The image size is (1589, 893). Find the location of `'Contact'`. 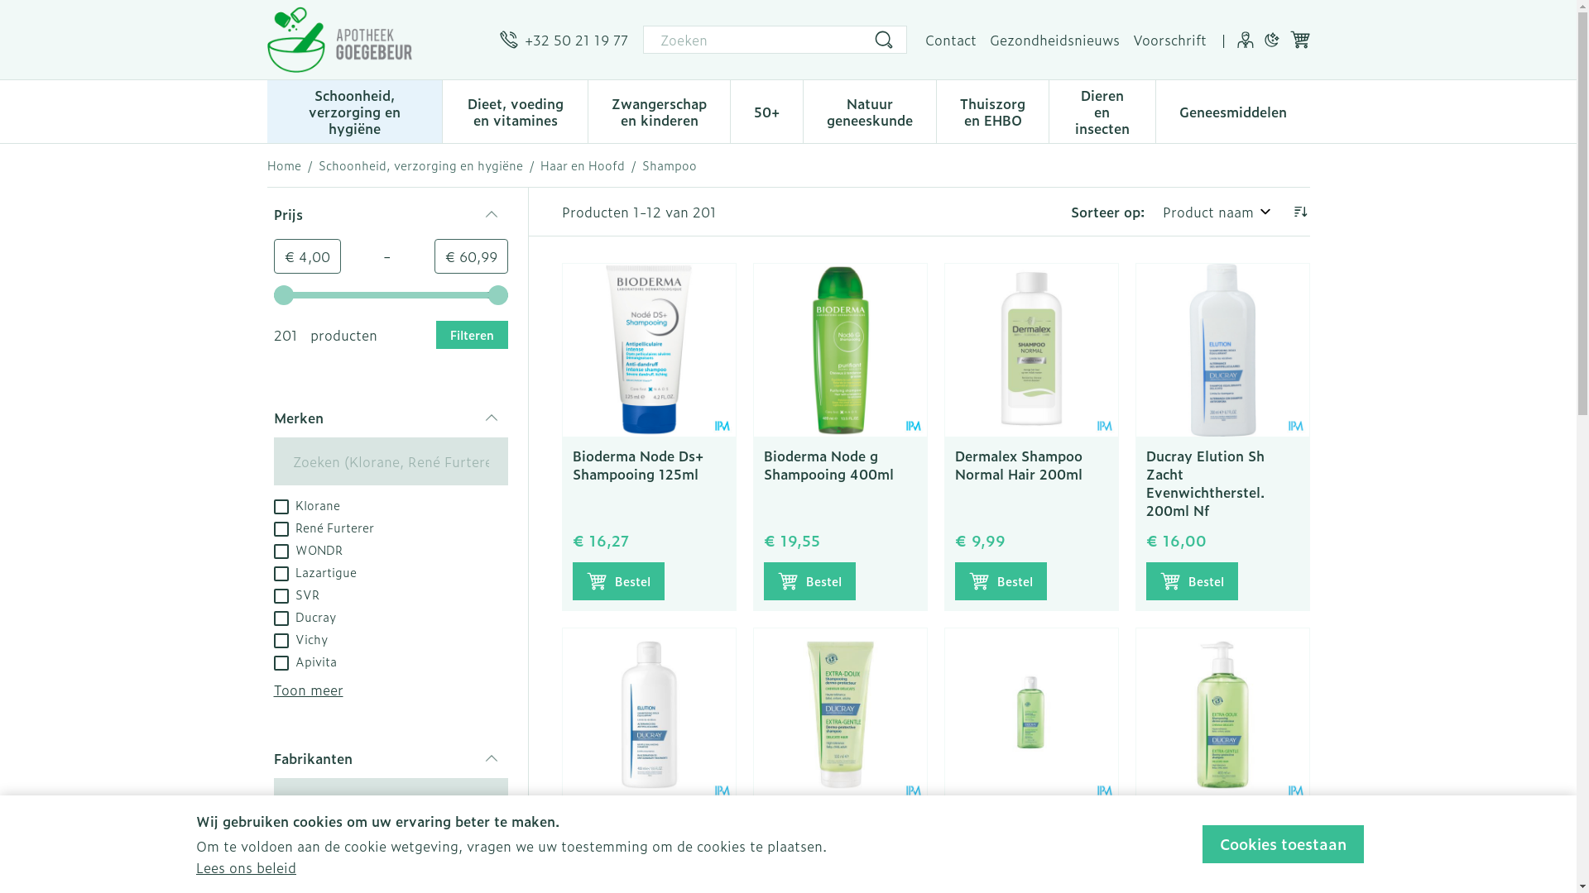

'Contact' is located at coordinates (950, 38).